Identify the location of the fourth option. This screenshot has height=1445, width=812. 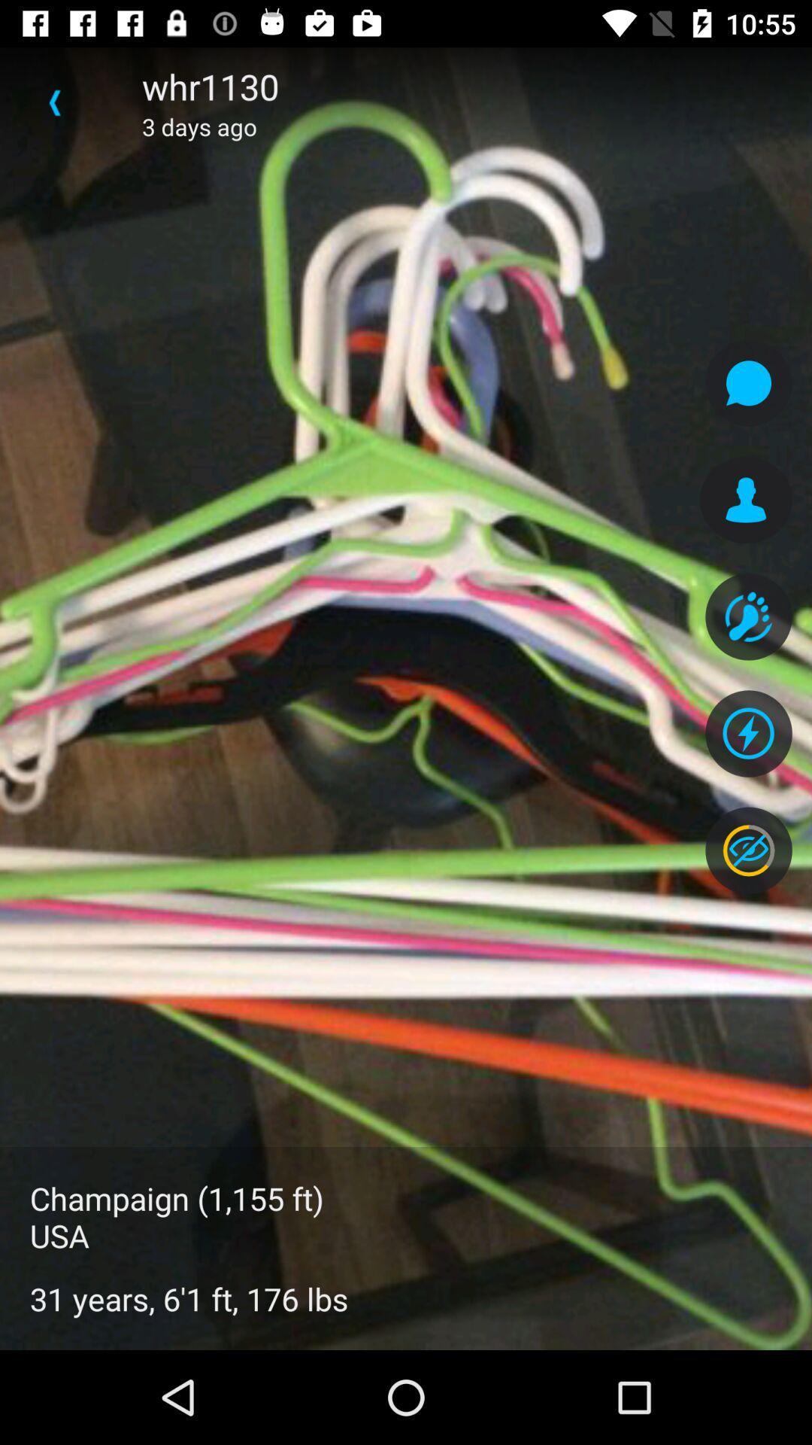
(748, 733).